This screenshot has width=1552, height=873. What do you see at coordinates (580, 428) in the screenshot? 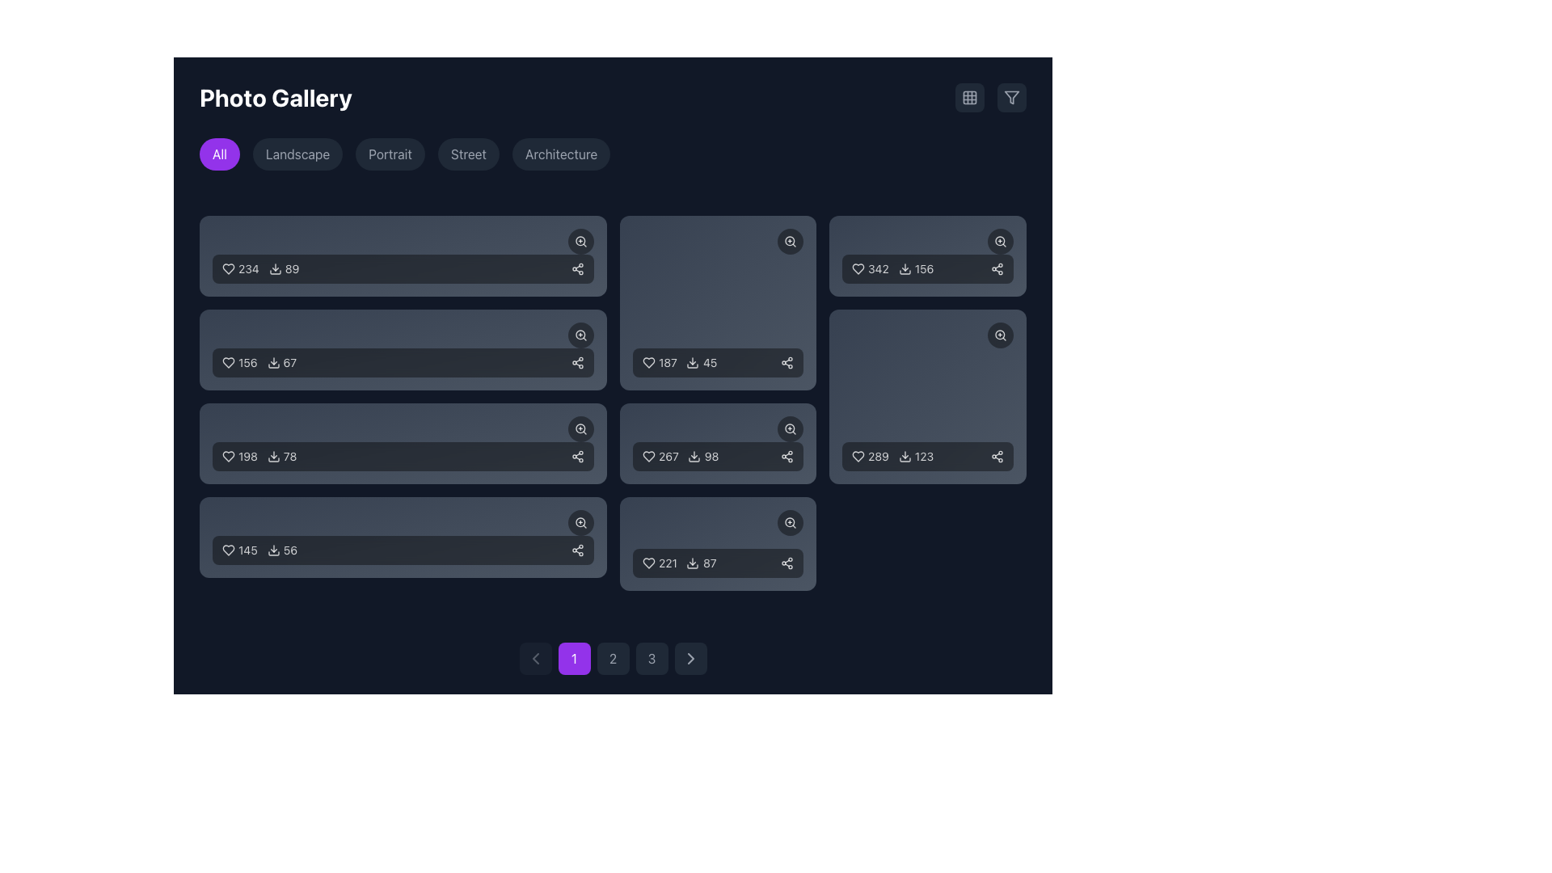
I see `the magnifying glass icon located in the bottom row of the gallery grid, positioned to the right of the '198' likes and '78' downloads entry` at bounding box center [580, 428].